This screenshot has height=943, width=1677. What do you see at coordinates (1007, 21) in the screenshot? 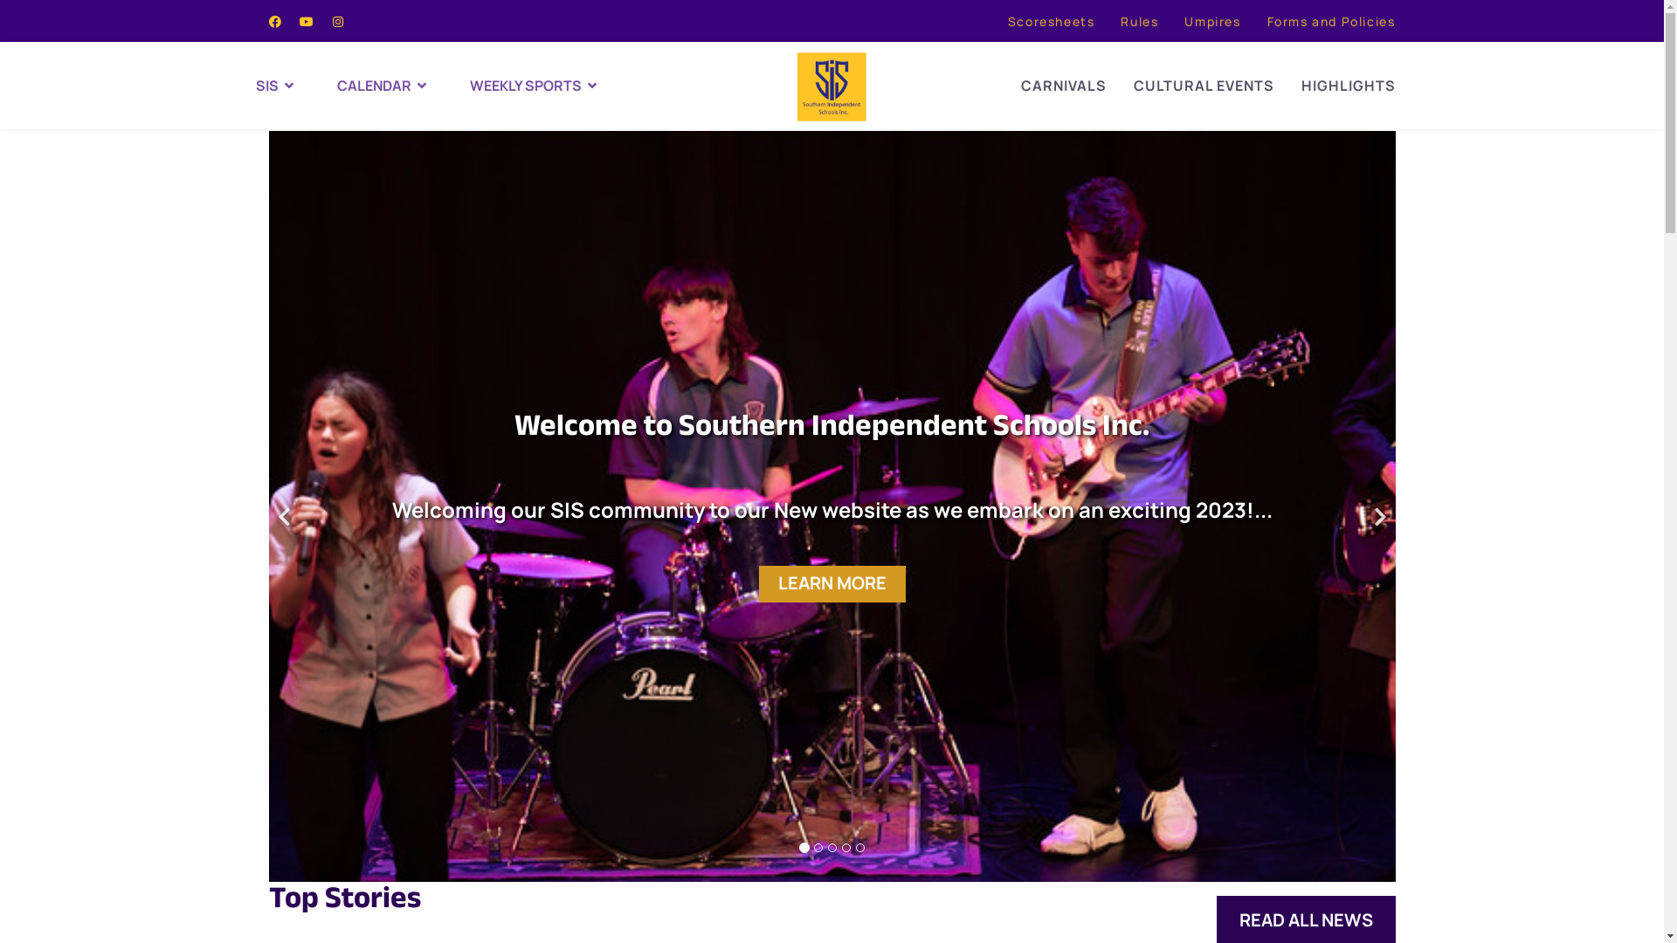
I see `'Scoresheets'` at bounding box center [1007, 21].